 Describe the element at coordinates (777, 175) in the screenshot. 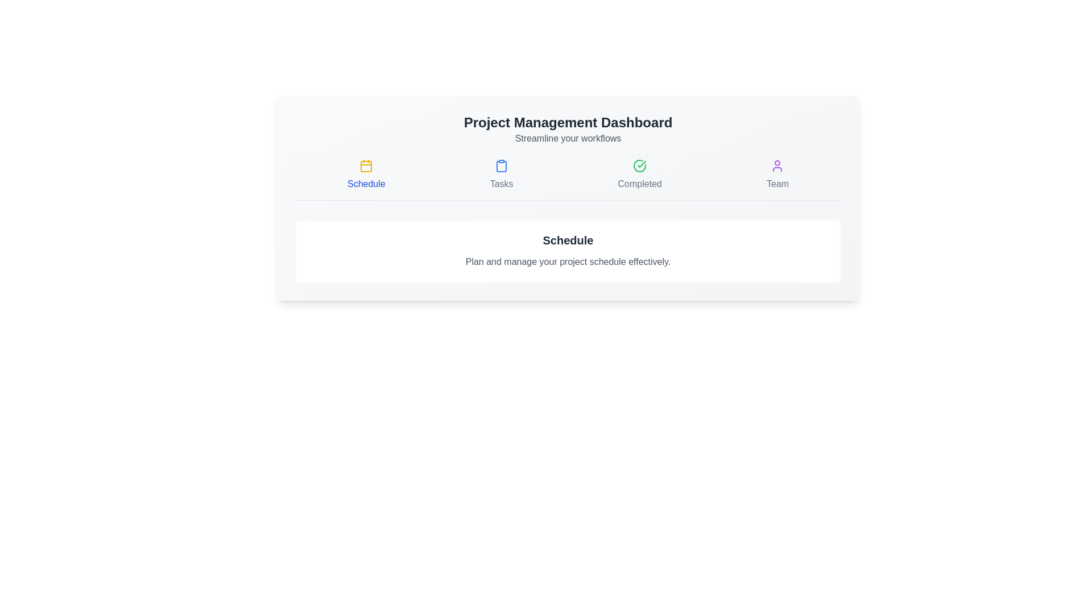

I see `the interactive element labeled 'Team' to observe its hover effect` at that location.